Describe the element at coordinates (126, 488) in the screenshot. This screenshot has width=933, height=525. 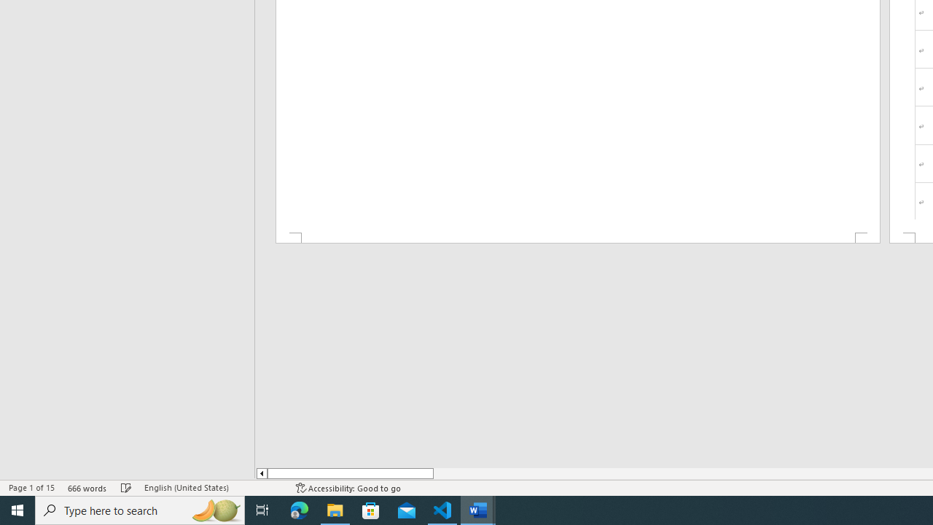
I see `'Spelling and Grammar Check Checking'` at that location.